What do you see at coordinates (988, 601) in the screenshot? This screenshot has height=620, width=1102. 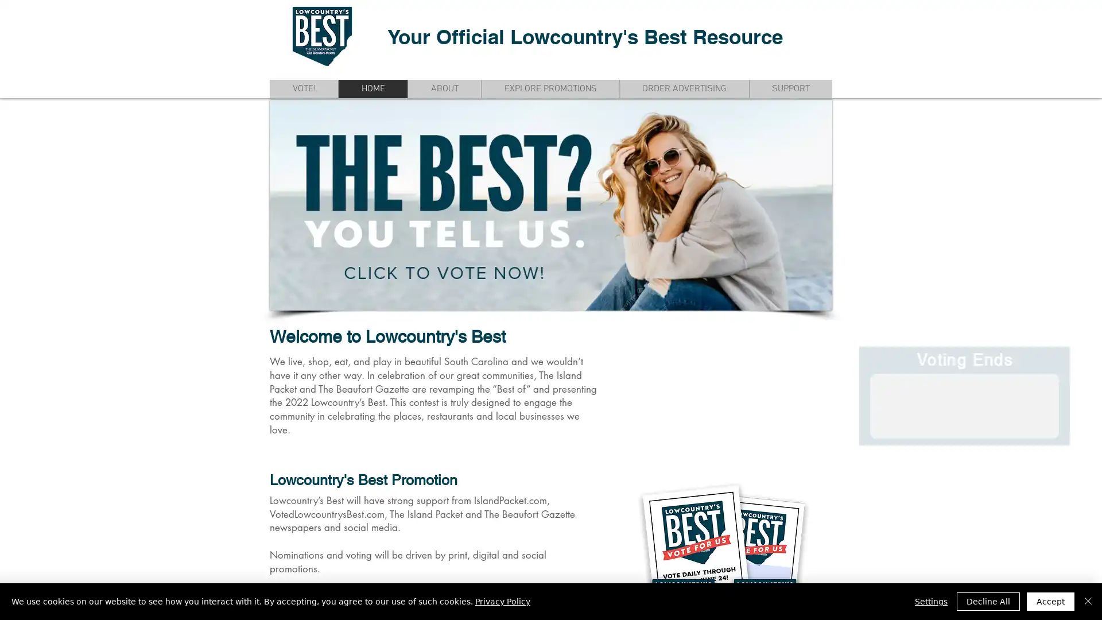 I see `Decline All` at bounding box center [988, 601].